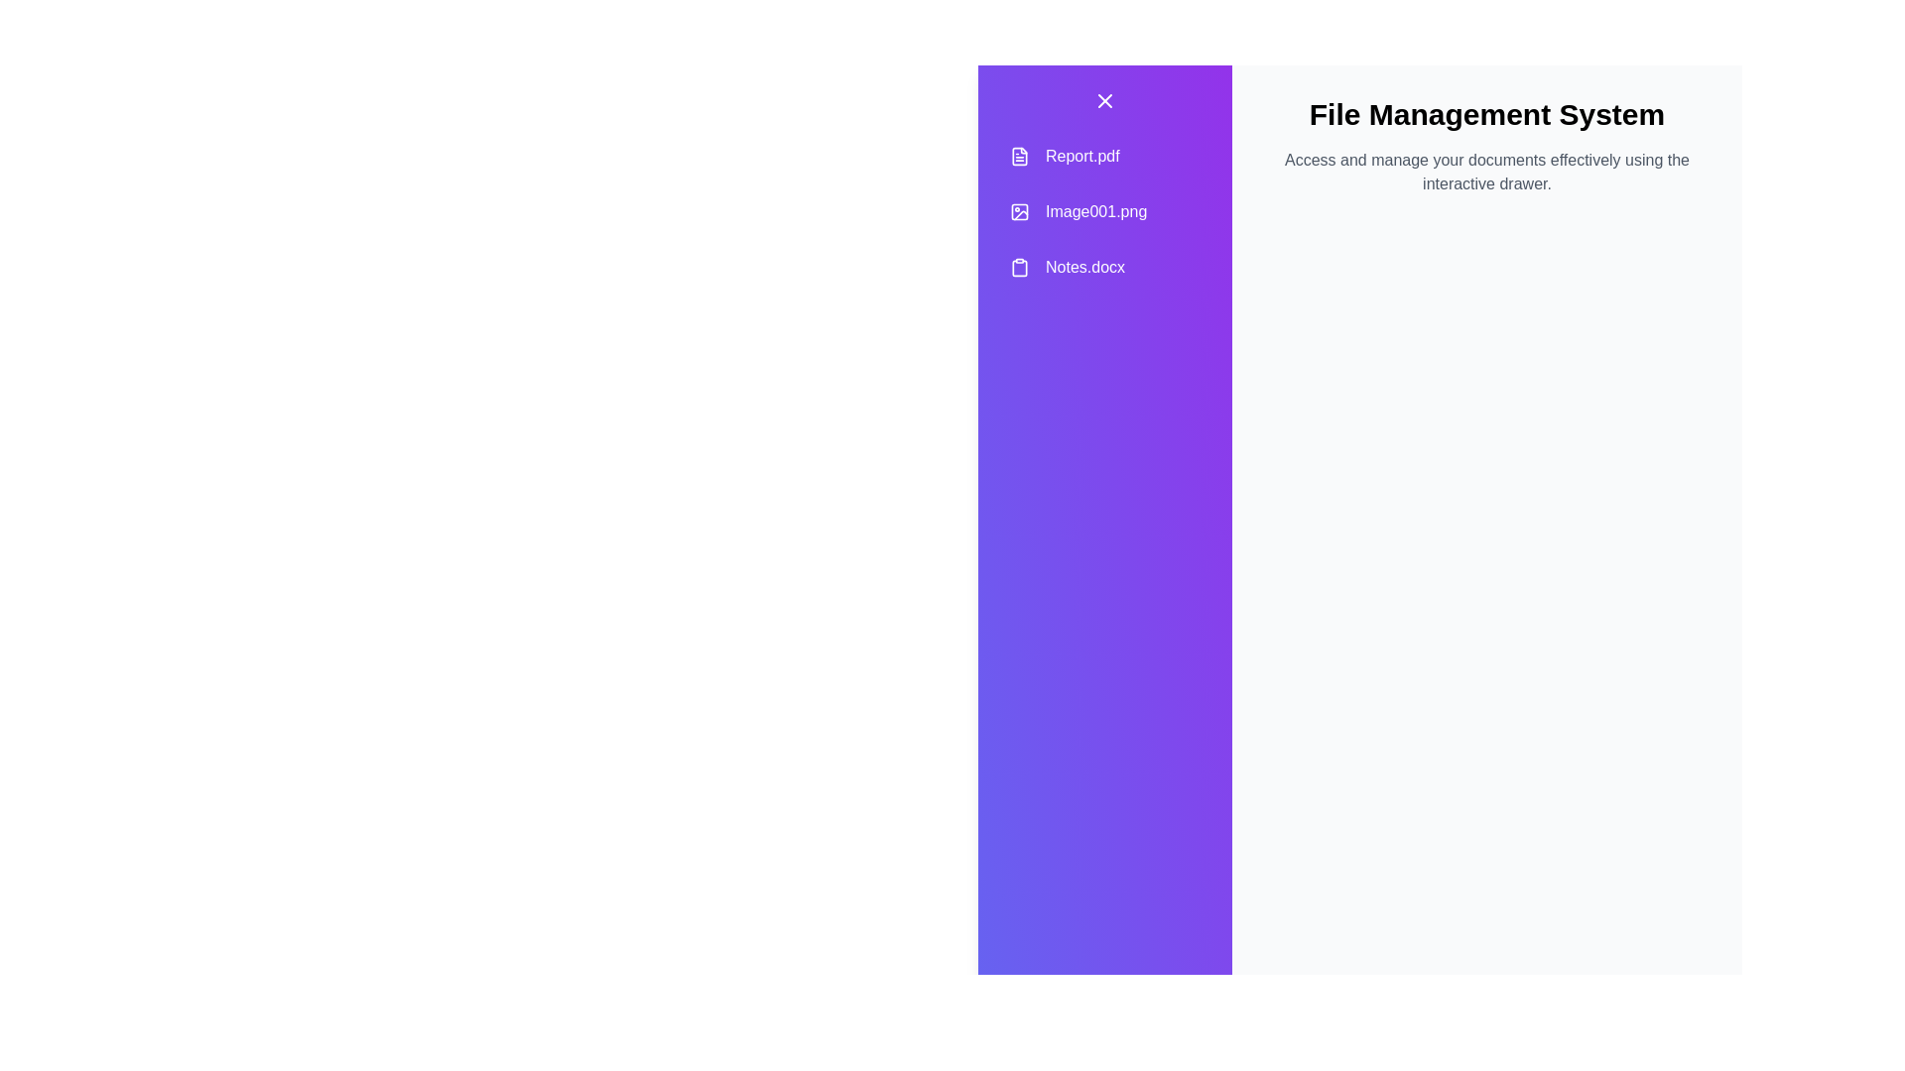 The width and height of the screenshot is (1905, 1071). What do you see at coordinates (1103, 156) in the screenshot?
I see `the document name Report.pdf to select or highlight it` at bounding box center [1103, 156].